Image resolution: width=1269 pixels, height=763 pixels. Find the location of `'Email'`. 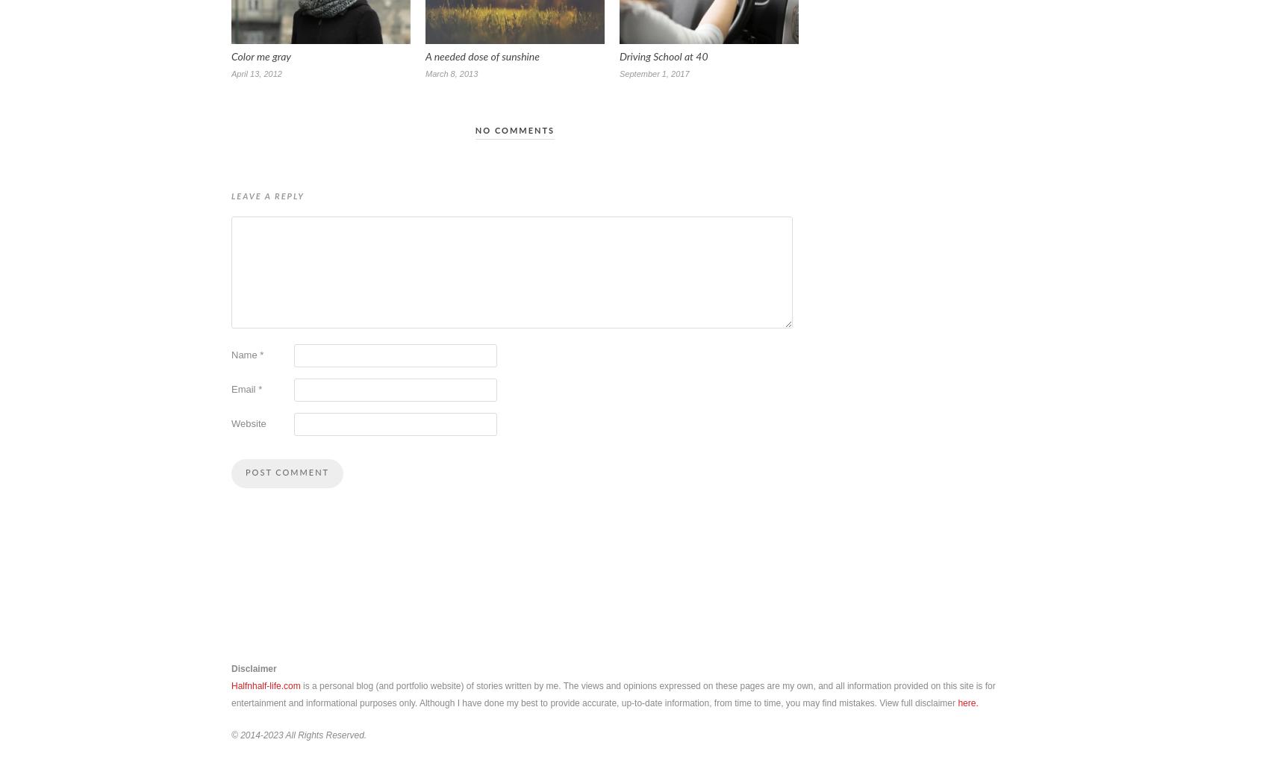

'Email' is located at coordinates (231, 388).